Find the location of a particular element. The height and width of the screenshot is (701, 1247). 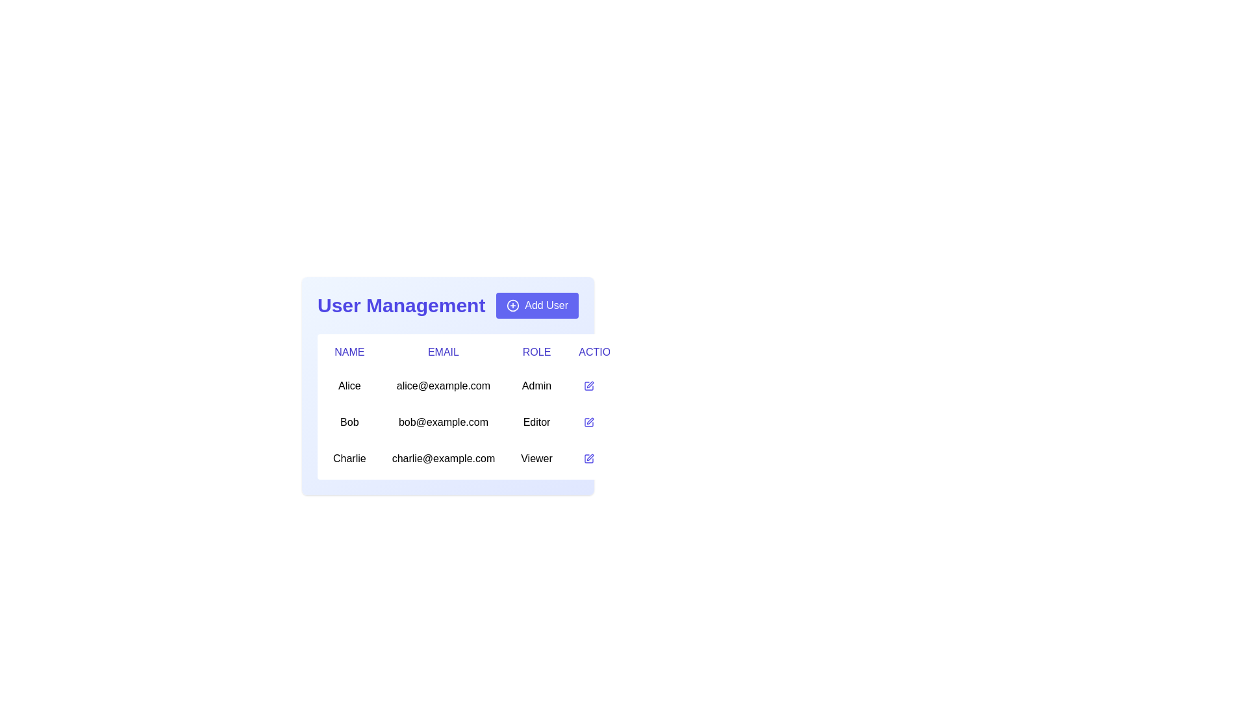

the 'NAME' text label, which is styled in uppercase, bold, and indigo-colored, situated at the top of the tabular layout is located at coordinates (349, 352).